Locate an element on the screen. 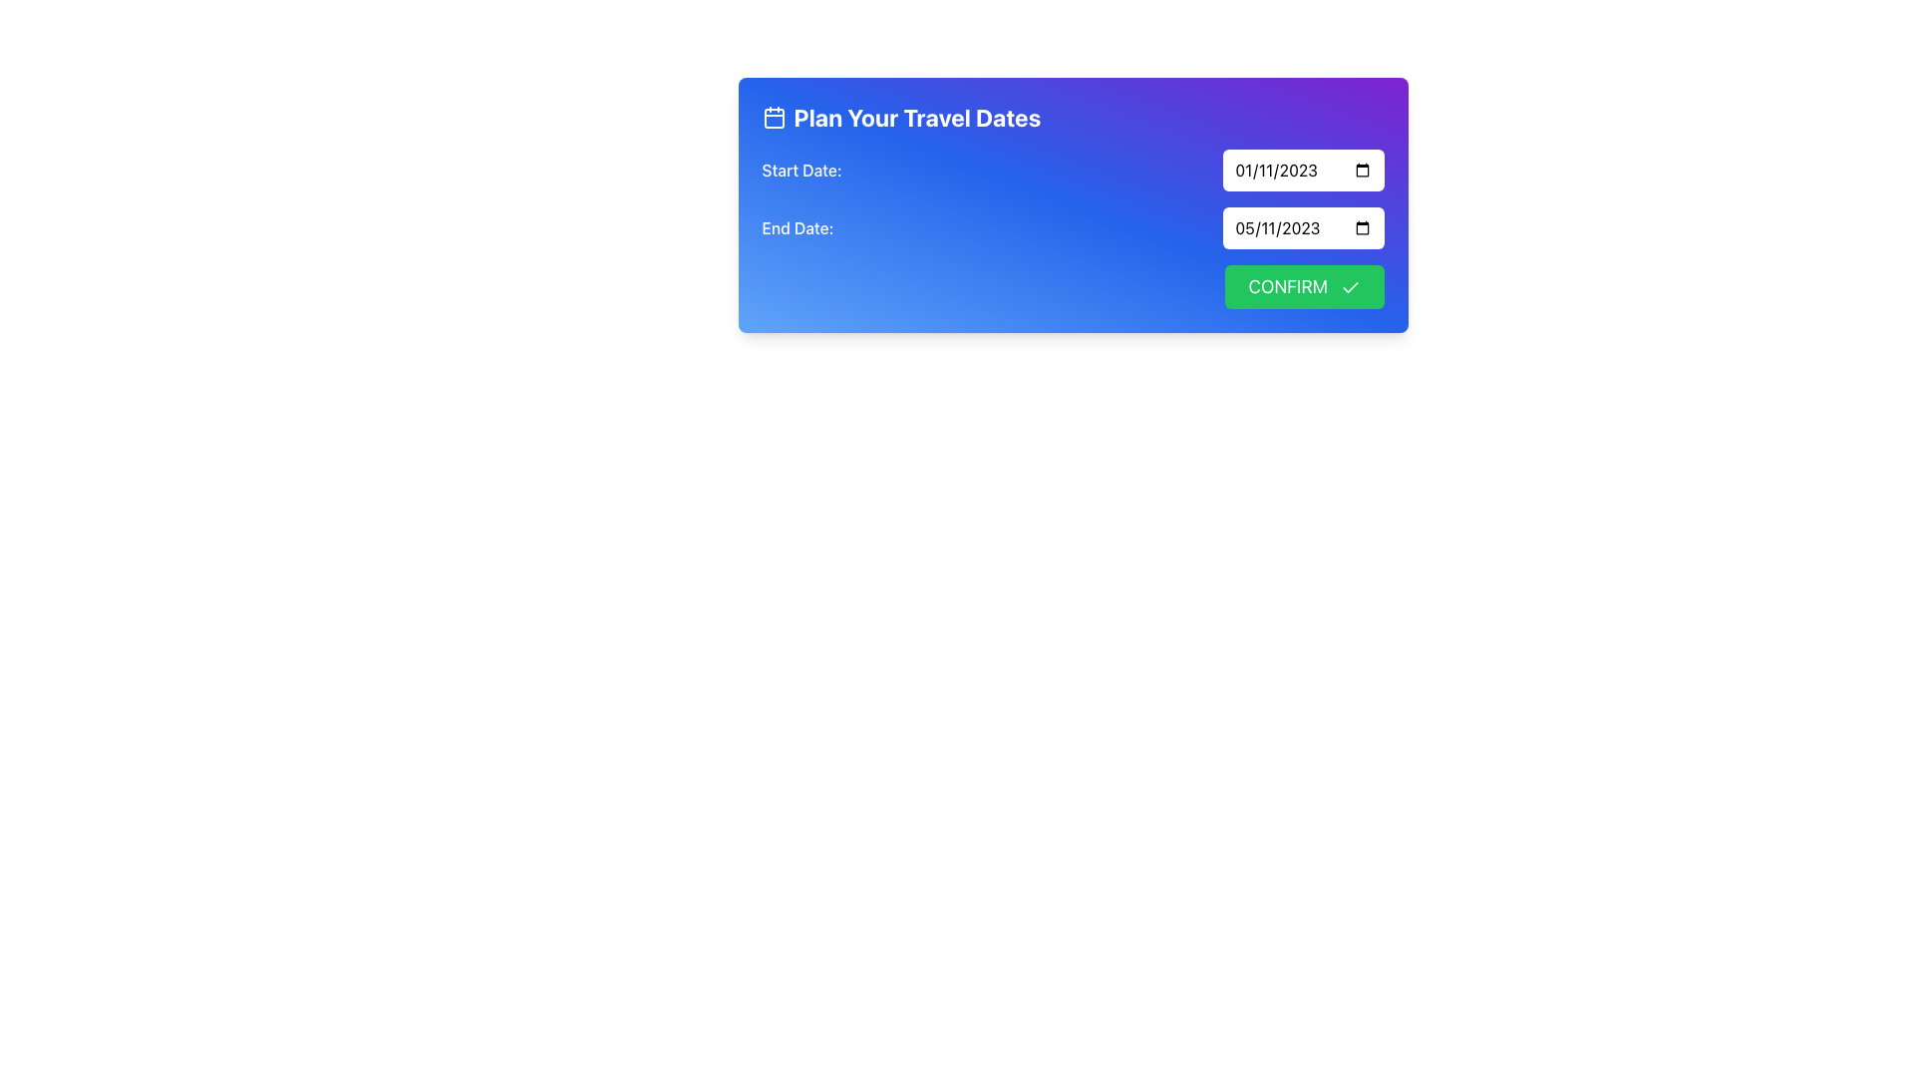  the Text Label that indicates the start date for the adjacent date input field, positioned in the upper-left corner of its blue gradient box is located at coordinates (801, 169).